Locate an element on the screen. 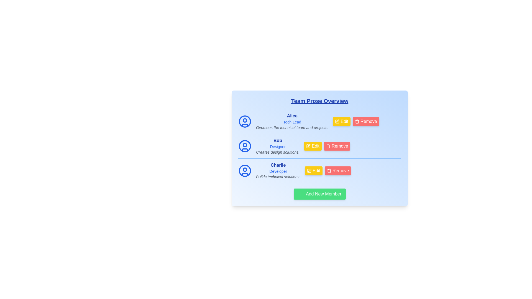 This screenshot has height=299, width=532. the non-interactive text label 'Edit' that indicates the editing function for the 'Edit' button associated with 'Alice' is located at coordinates (344, 121).